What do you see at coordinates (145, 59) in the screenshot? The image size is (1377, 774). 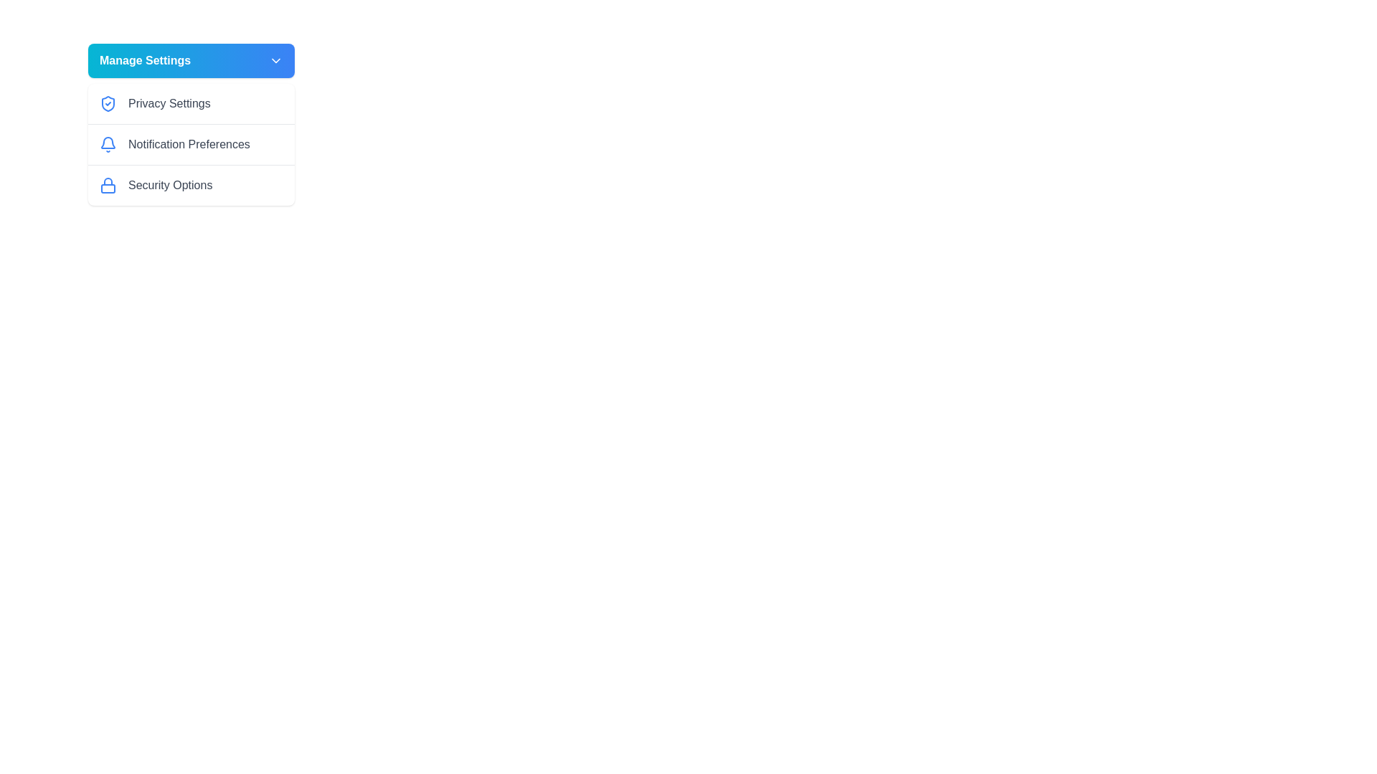 I see `the 'Manage Settings' text label, which is the primary label of a button indicating its functionality` at bounding box center [145, 59].